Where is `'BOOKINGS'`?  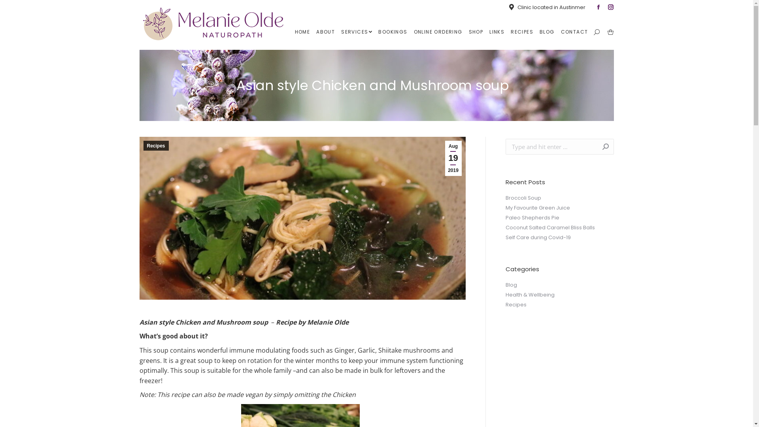 'BOOKINGS' is located at coordinates (393, 32).